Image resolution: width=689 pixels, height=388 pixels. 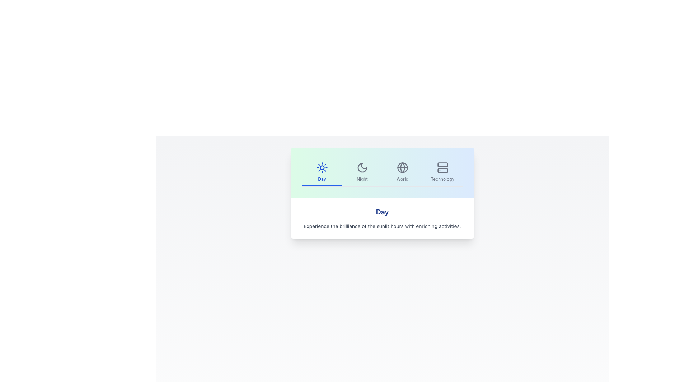 I want to click on the crescent-shaped moon icon, so click(x=362, y=167).